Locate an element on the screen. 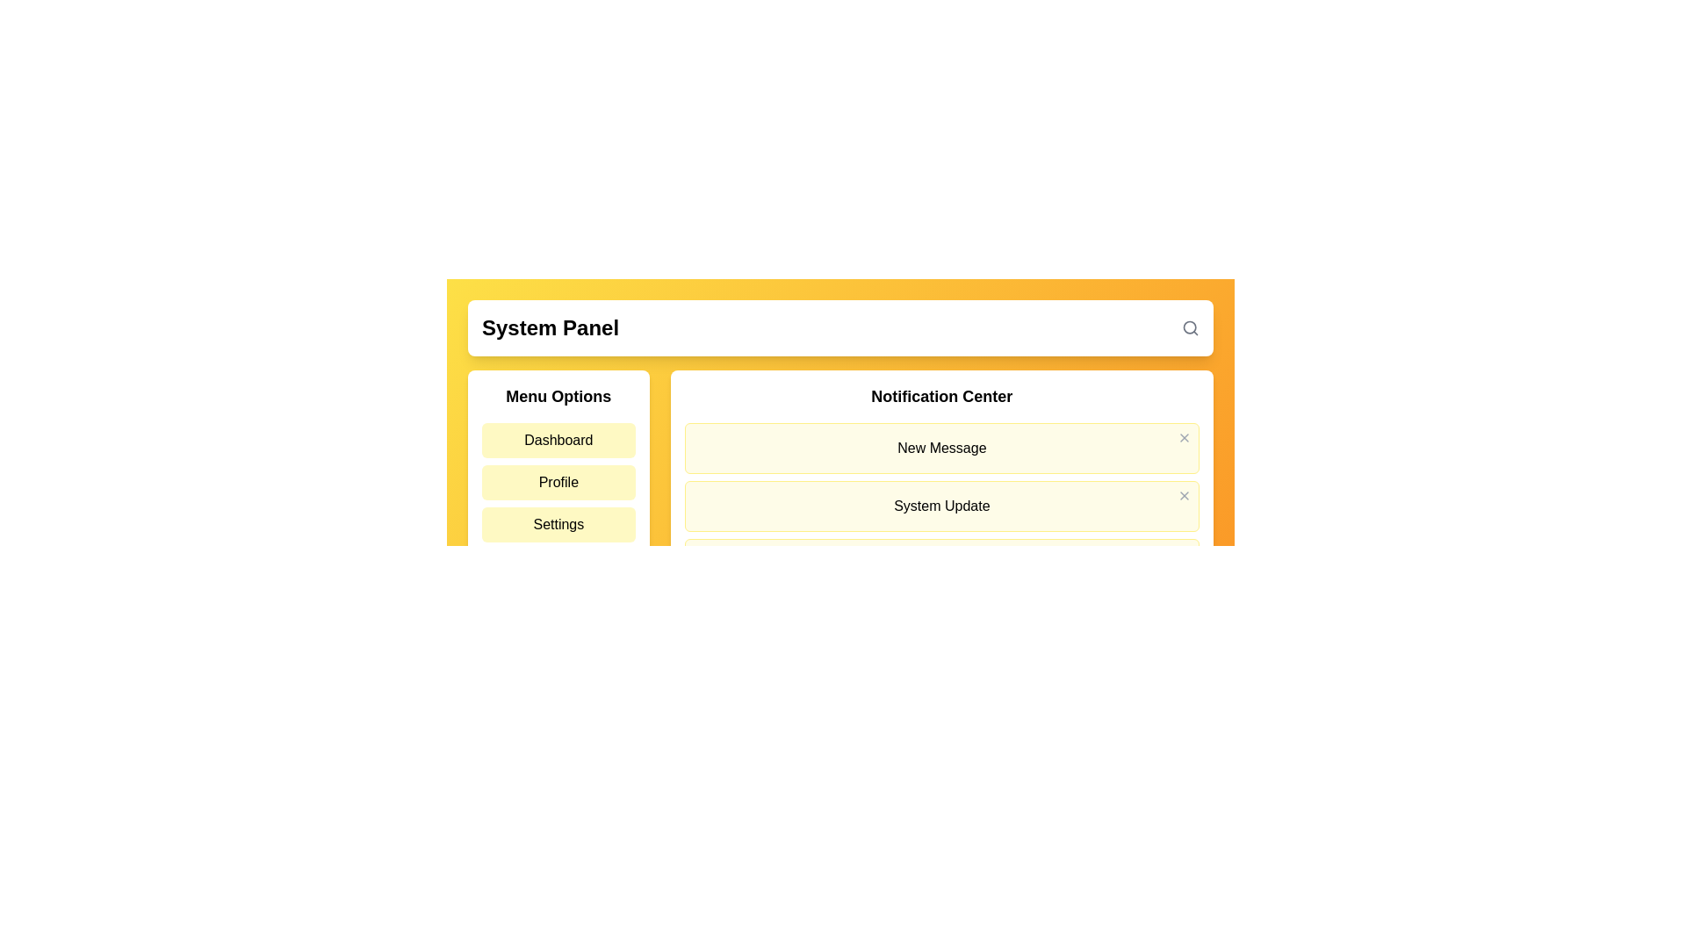 Image resolution: width=1686 pixels, height=948 pixels. the 'Dashboard' button with a light yellow background and black text, which is the first button in the vertical menu under 'Menu Options' is located at coordinates (558, 439).